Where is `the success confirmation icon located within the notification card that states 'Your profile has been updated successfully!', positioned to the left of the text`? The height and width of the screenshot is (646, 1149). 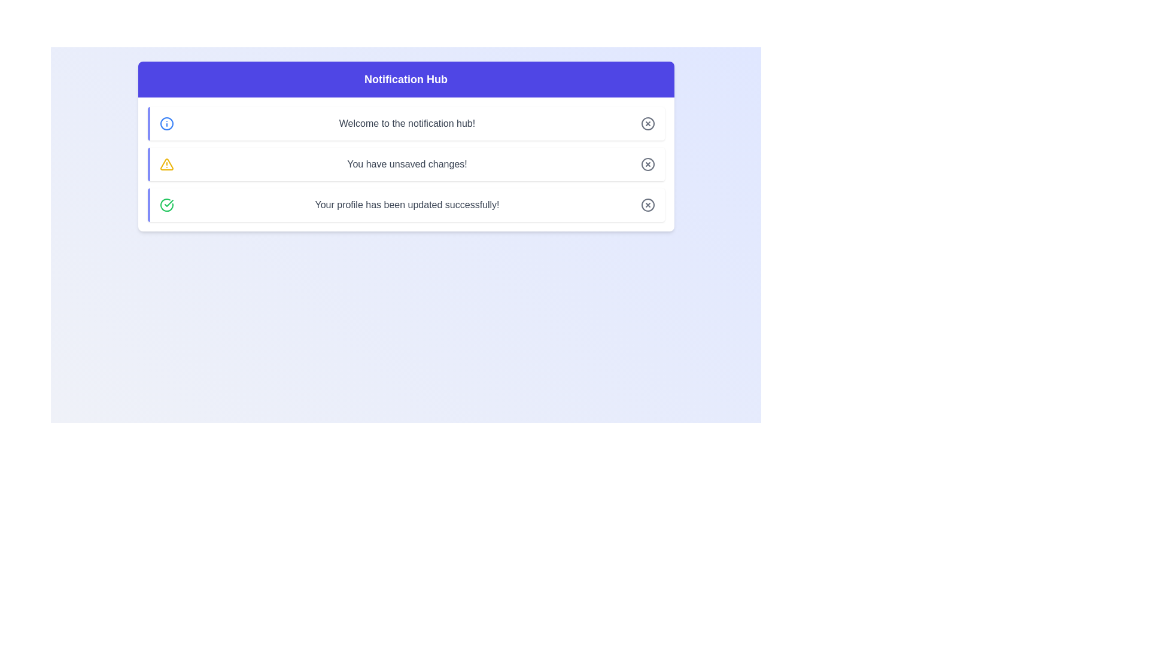 the success confirmation icon located within the notification card that states 'Your profile has been updated successfully!', positioned to the left of the text is located at coordinates (166, 205).